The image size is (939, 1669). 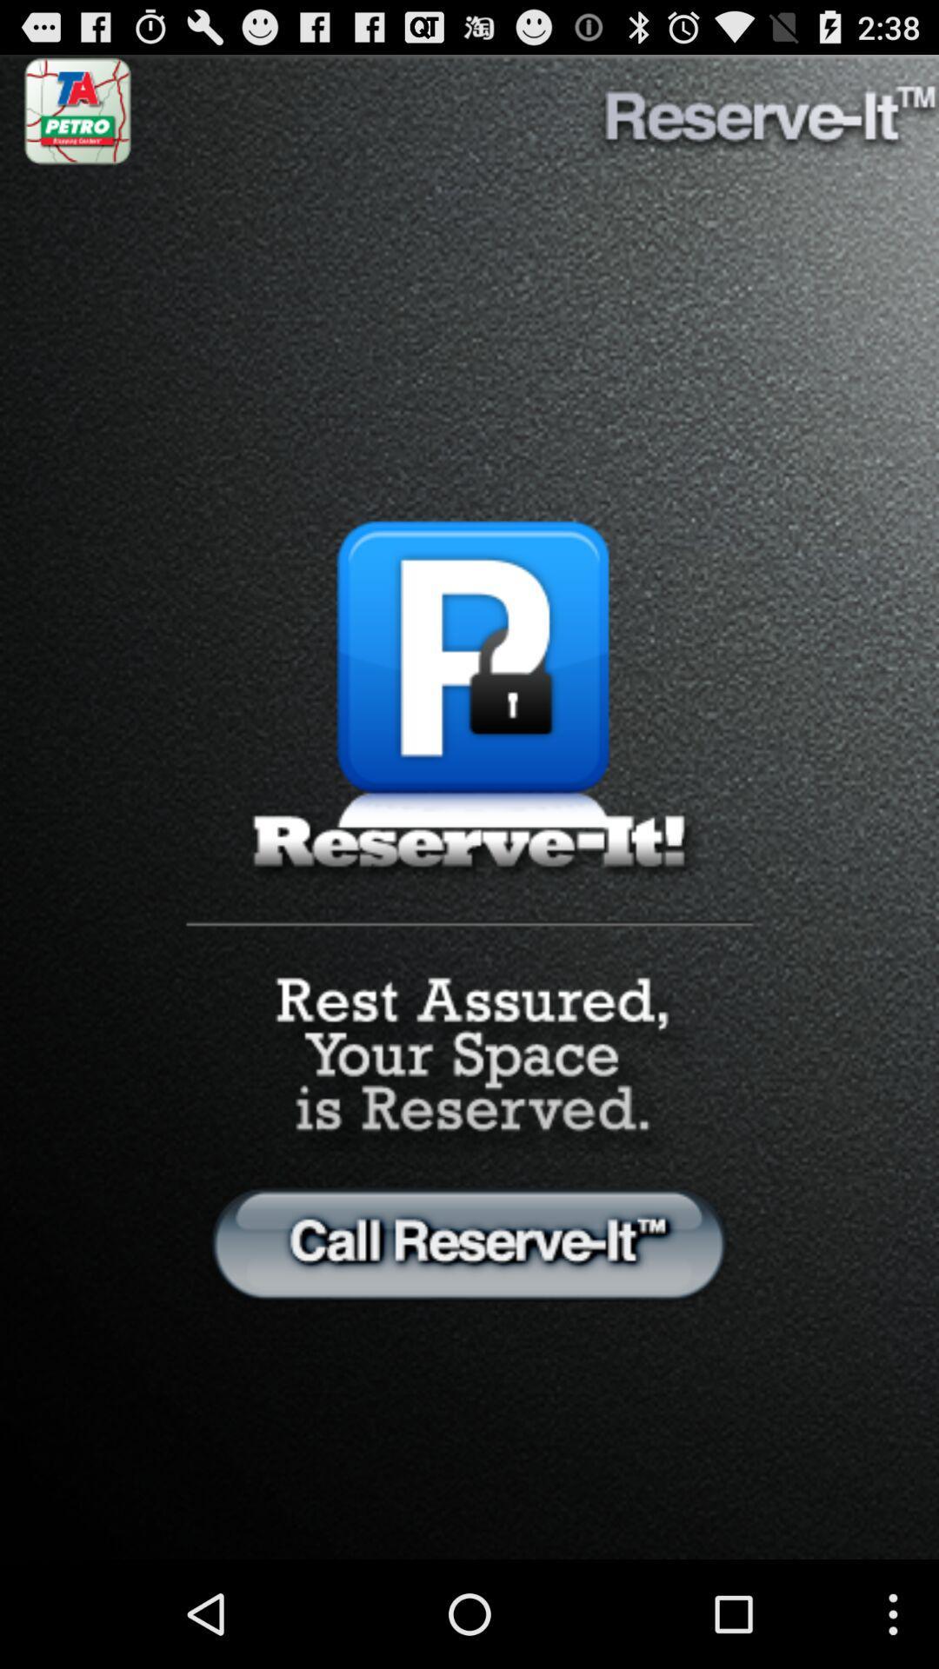 What do you see at coordinates (469, 1242) in the screenshot?
I see `the icon at the bottom` at bounding box center [469, 1242].